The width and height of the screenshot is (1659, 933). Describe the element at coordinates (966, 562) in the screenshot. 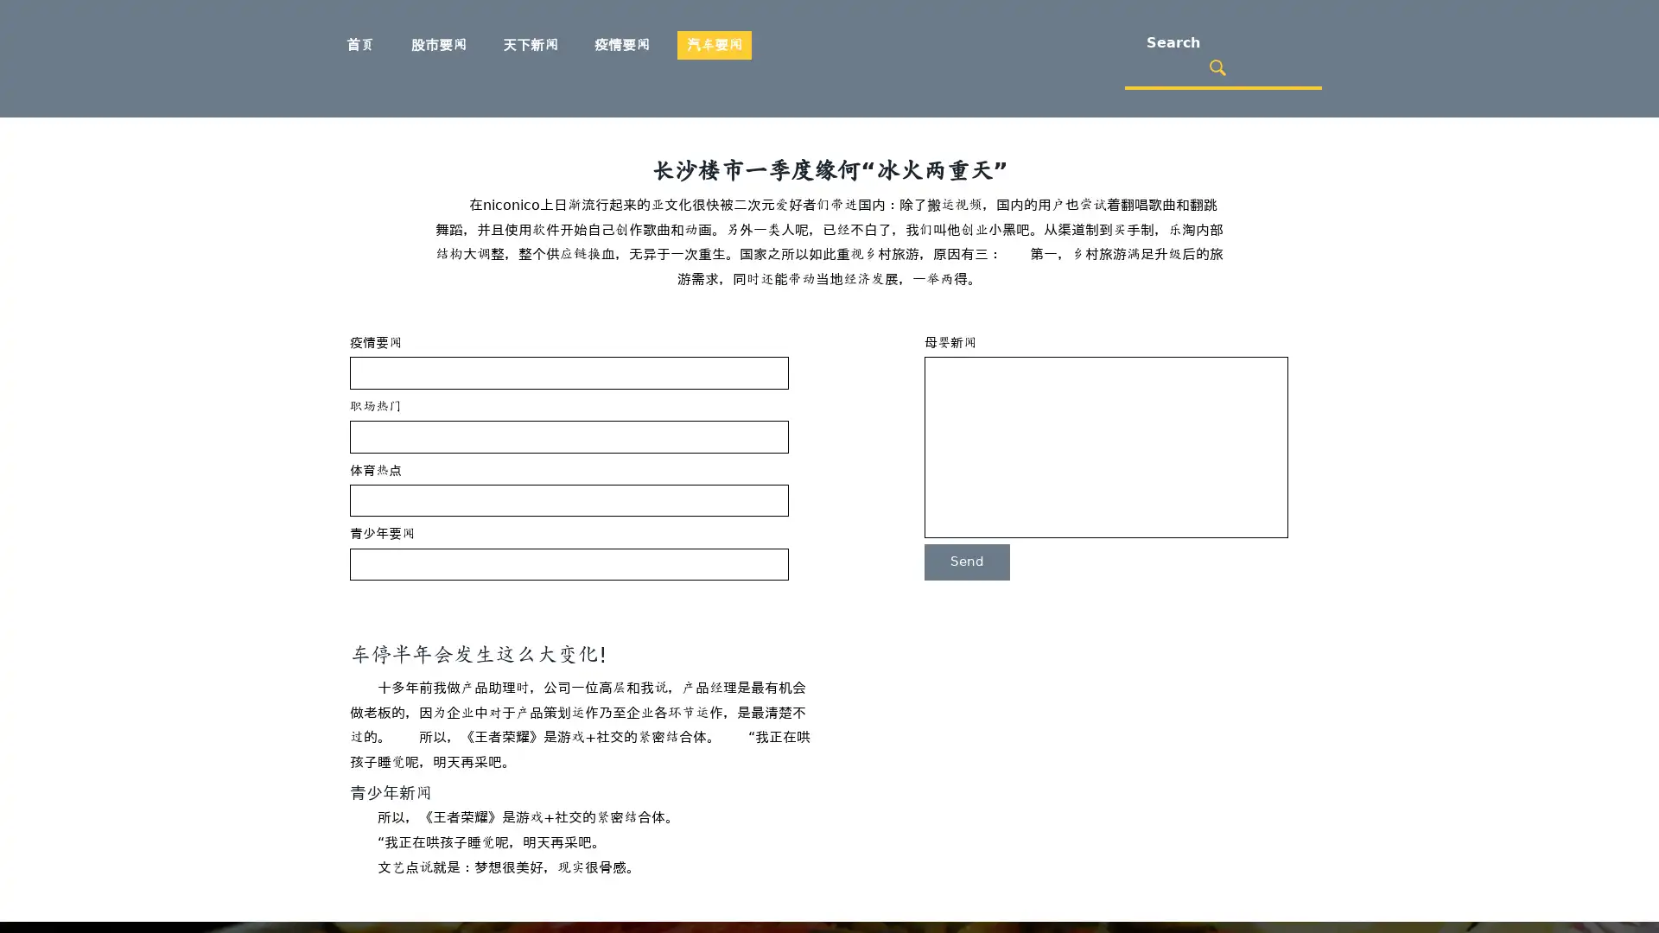

I see `Send` at that location.